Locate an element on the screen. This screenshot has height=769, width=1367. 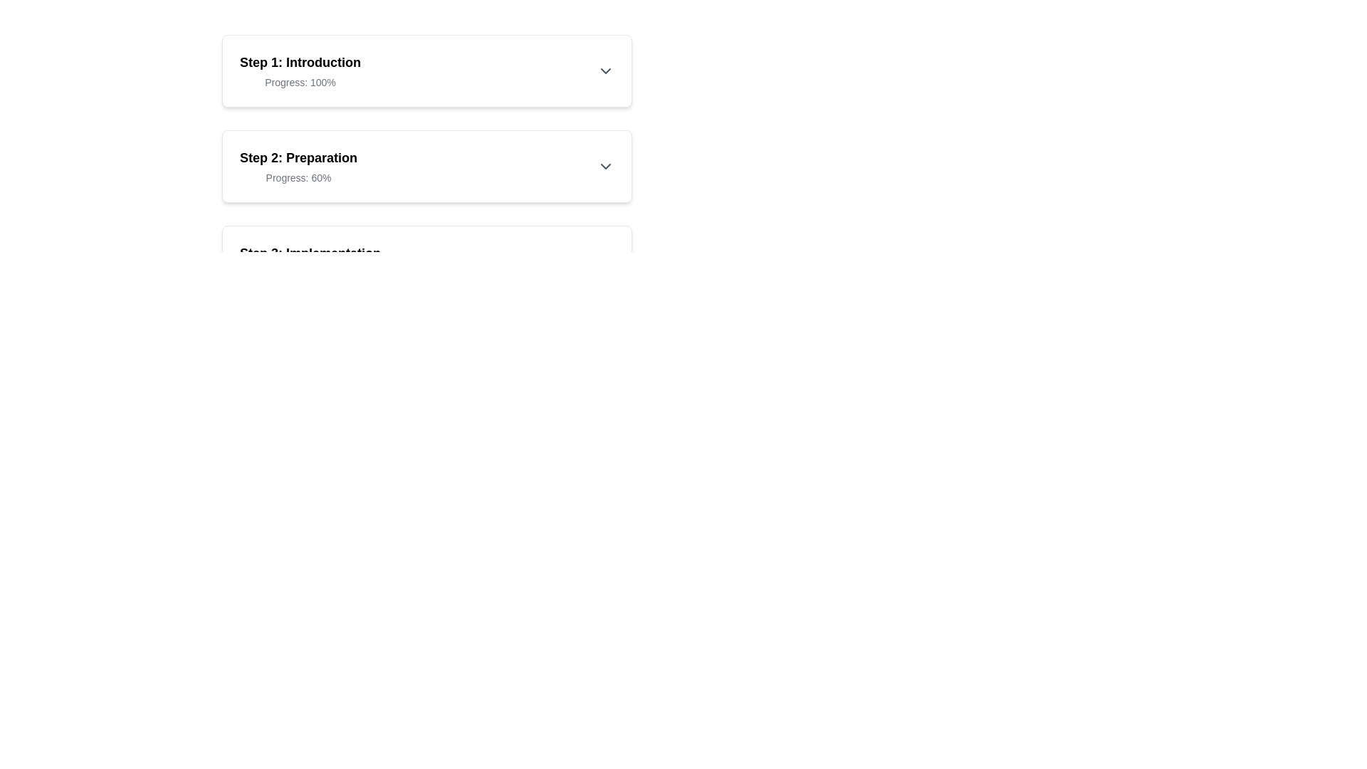
the collapsible section titled 'Step 2: Preparation' is located at coordinates (426, 166).